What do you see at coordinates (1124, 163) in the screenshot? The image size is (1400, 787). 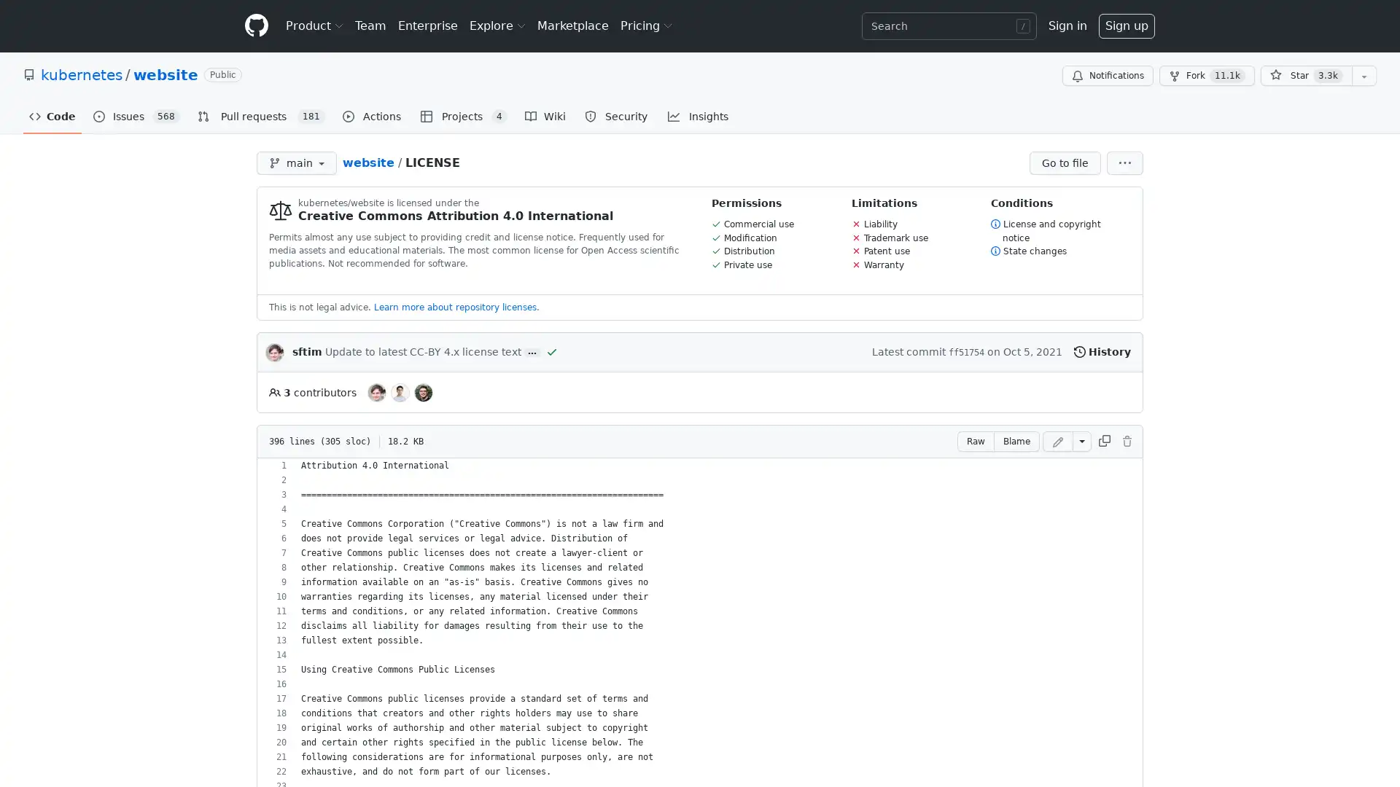 I see `More options` at bounding box center [1124, 163].